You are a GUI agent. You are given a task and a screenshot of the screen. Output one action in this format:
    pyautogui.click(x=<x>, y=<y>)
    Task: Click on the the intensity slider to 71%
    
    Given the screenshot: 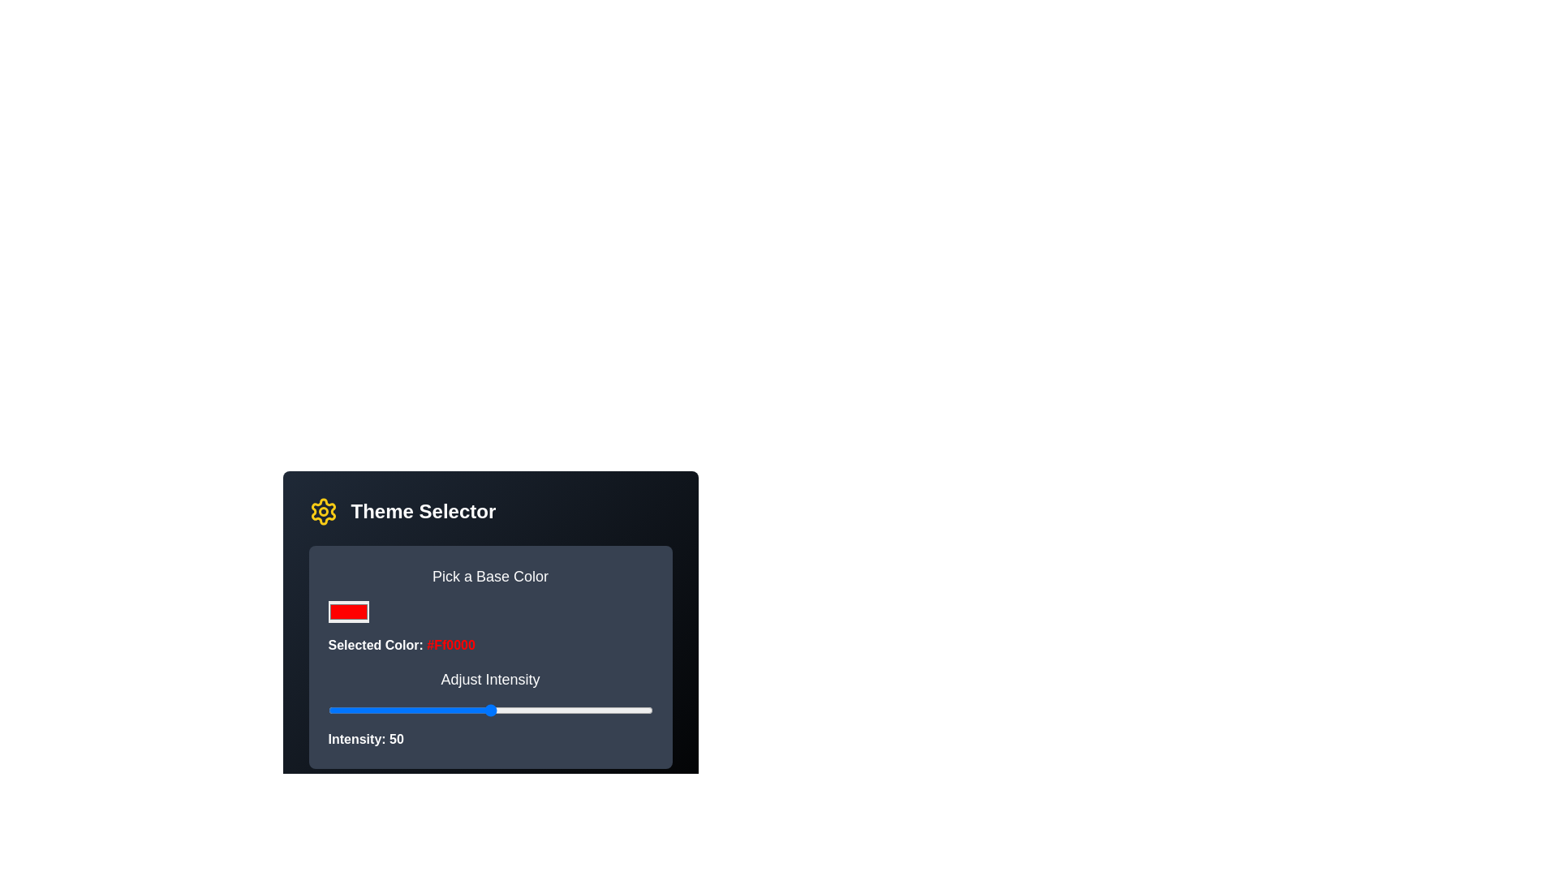 What is the action you would take?
    pyautogui.click(x=558, y=709)
    